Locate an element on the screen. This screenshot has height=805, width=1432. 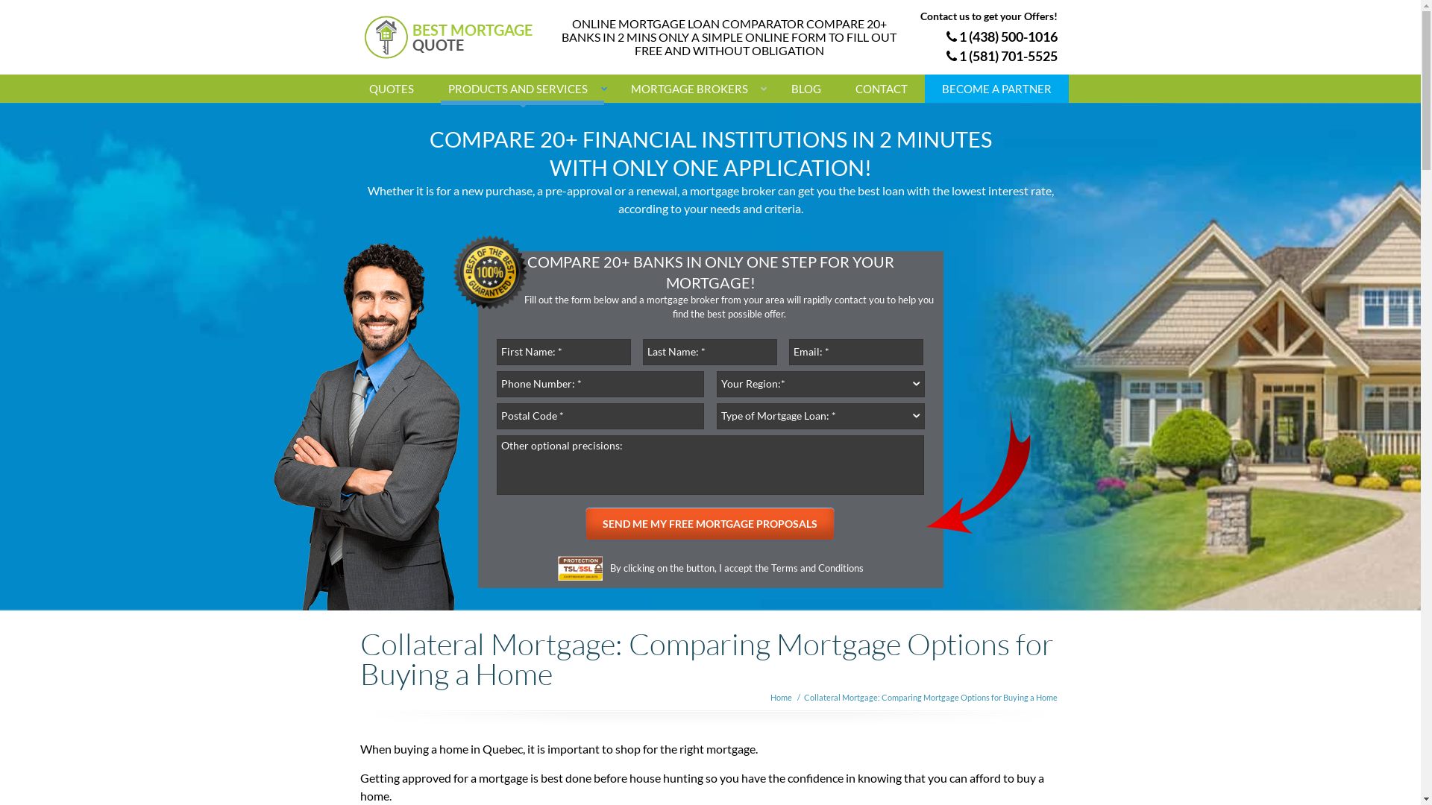
'Home' is located at coordinates (779, 697).